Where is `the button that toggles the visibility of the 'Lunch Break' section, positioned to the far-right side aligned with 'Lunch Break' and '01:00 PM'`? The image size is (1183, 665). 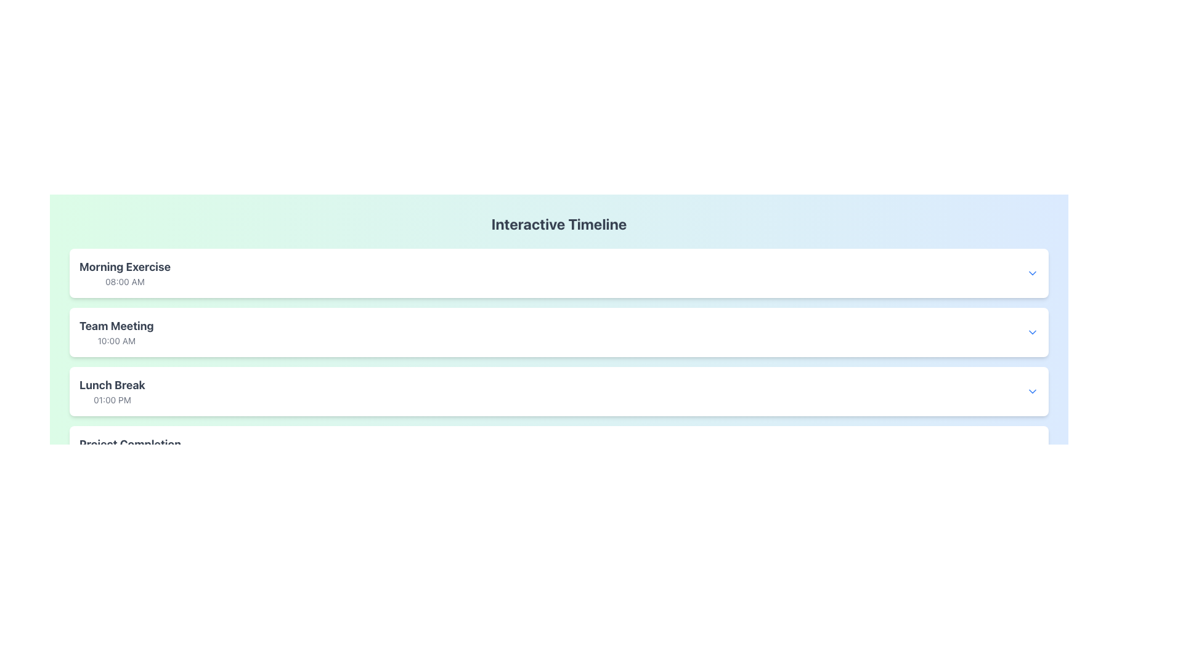 the button that toggles the visibility of the 'Lunch Break' section, positioned to the far-right side aligned with 'Lunch Break' and '01:00 PM' is located at coordinates (1032, 392).